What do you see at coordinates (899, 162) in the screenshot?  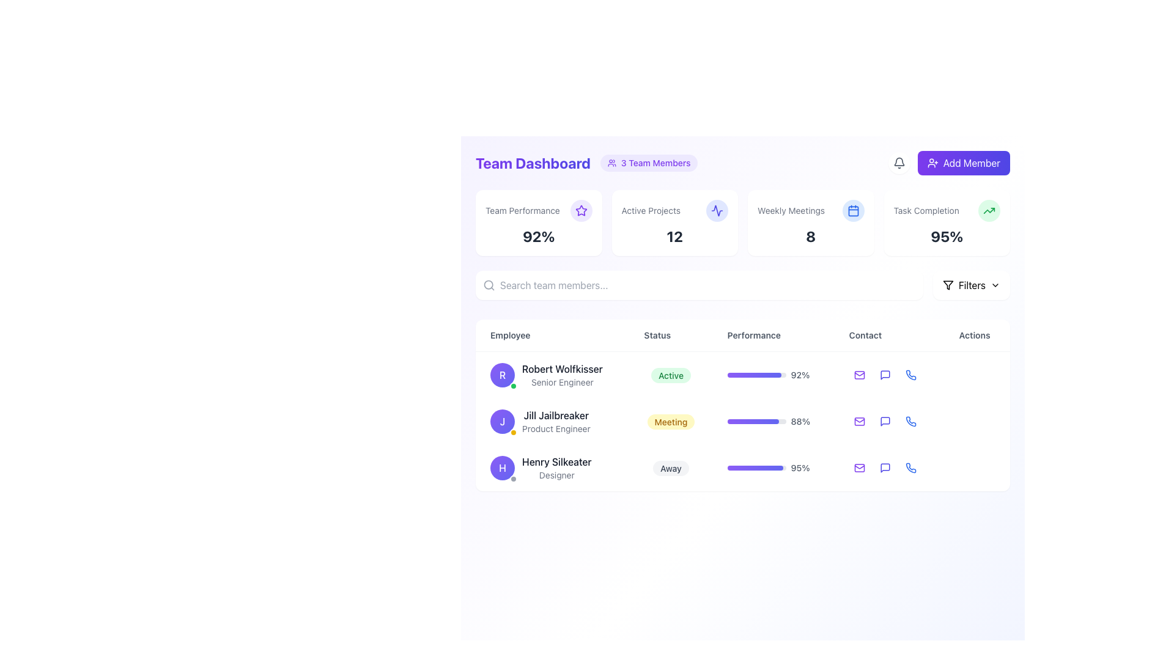 I see `the gray bell icon button located in the top-right corner of the page` at bounding box center [899, 162].